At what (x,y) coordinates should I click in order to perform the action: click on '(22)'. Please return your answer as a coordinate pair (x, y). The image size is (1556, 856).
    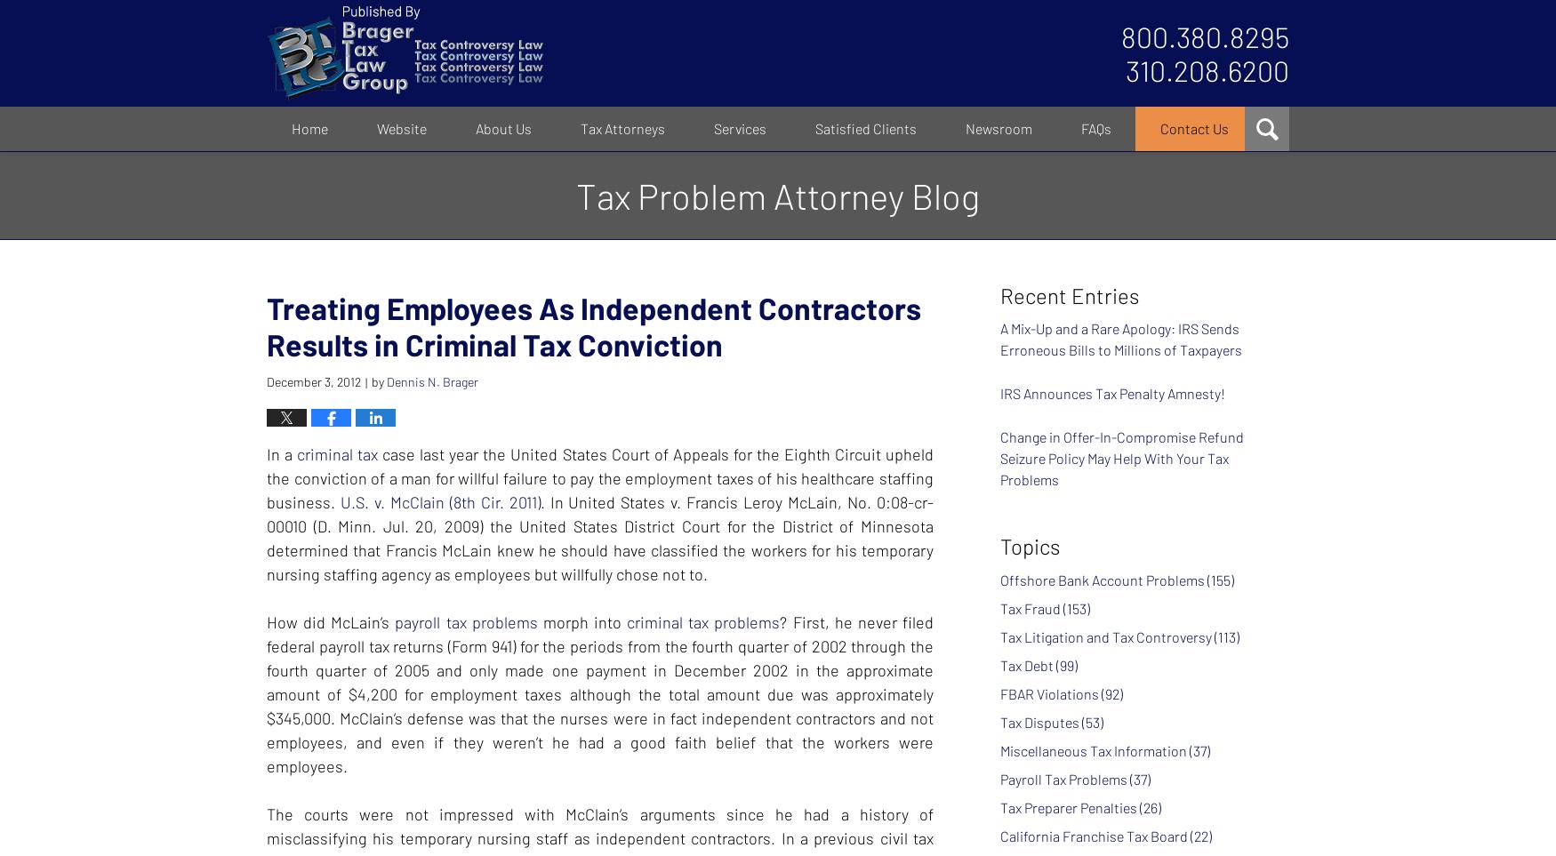
    Looking at the image, I should click on (1201, 835).